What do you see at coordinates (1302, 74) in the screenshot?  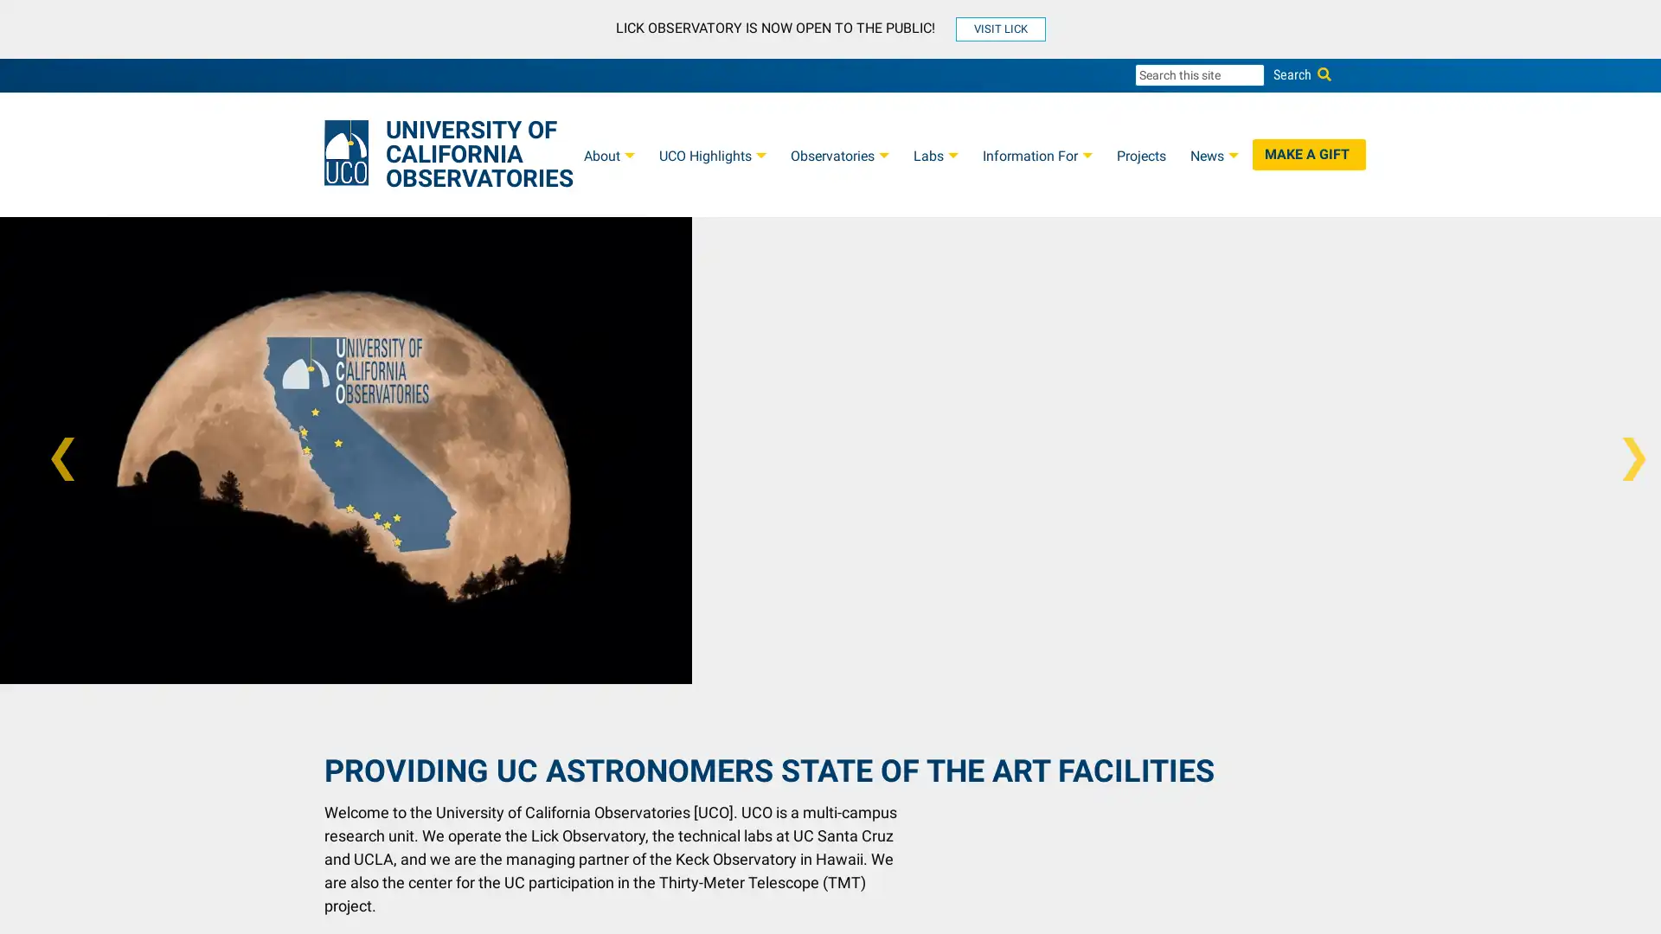 I see `Search` at bounding box center [1302, 74].